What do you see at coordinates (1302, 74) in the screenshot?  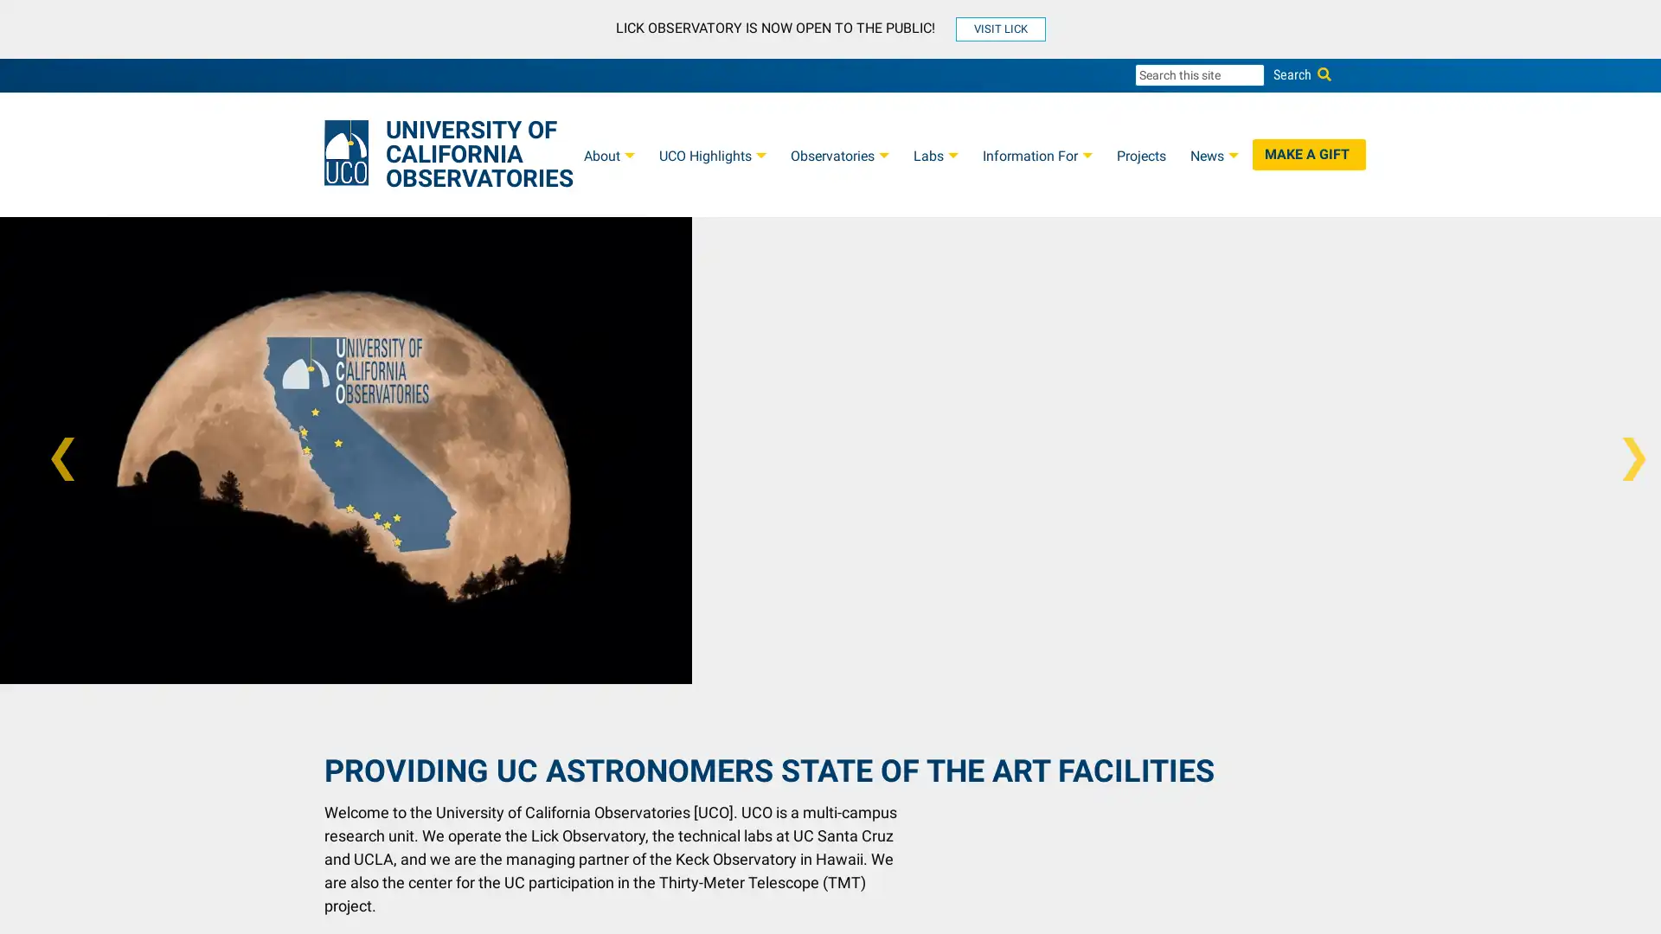 I see `Search` at bounding box center [1302, 74].